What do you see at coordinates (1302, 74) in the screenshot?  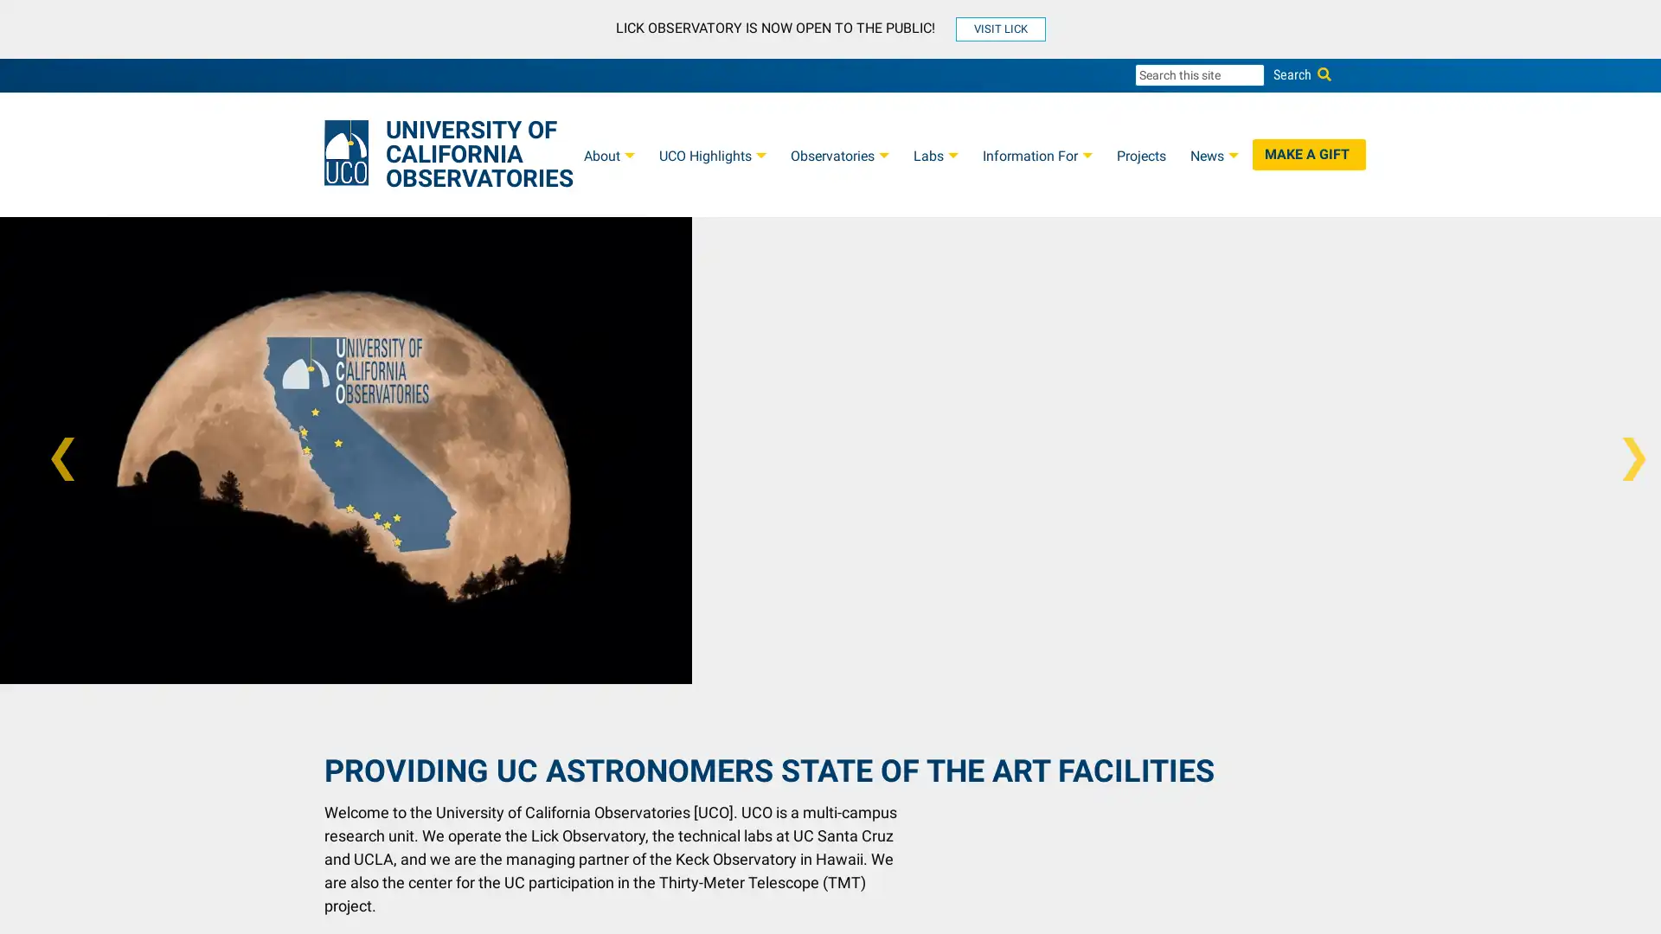 I see `Search` at bounding box center [1302, 74].